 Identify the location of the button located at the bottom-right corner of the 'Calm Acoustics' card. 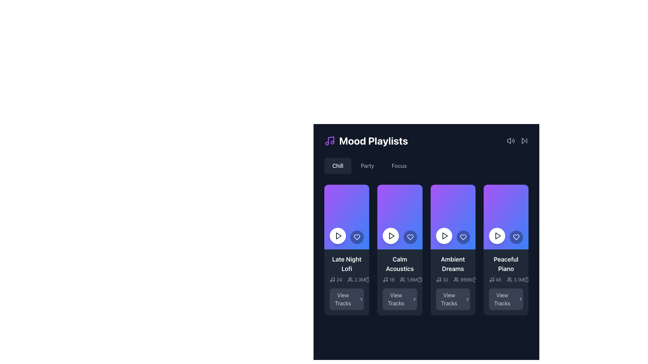
(400, 299).